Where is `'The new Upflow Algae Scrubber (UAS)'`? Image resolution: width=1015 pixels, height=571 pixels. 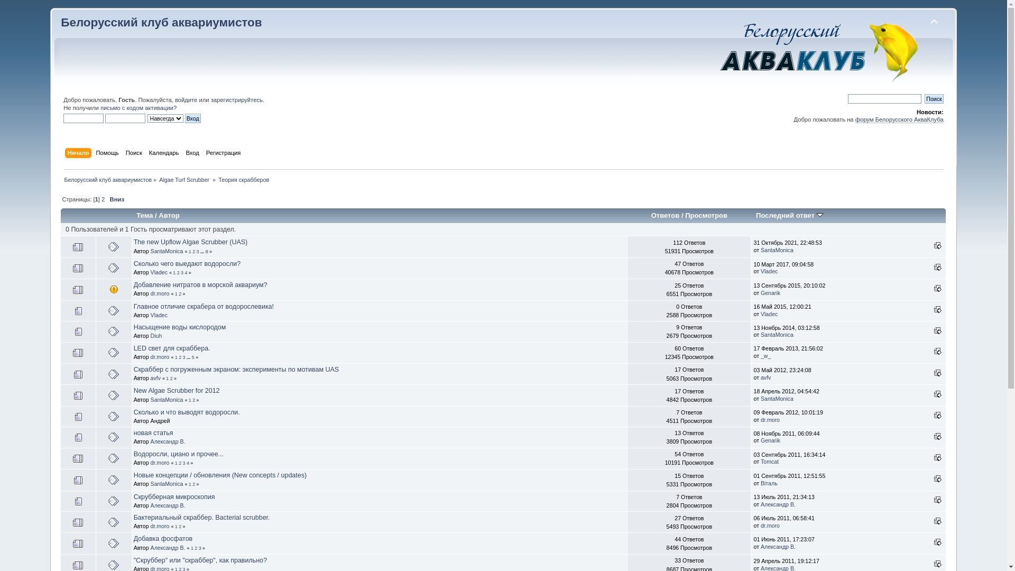
'The new Upflow Algae Scrubber (UAS)' is located at coordinates (133, 242).